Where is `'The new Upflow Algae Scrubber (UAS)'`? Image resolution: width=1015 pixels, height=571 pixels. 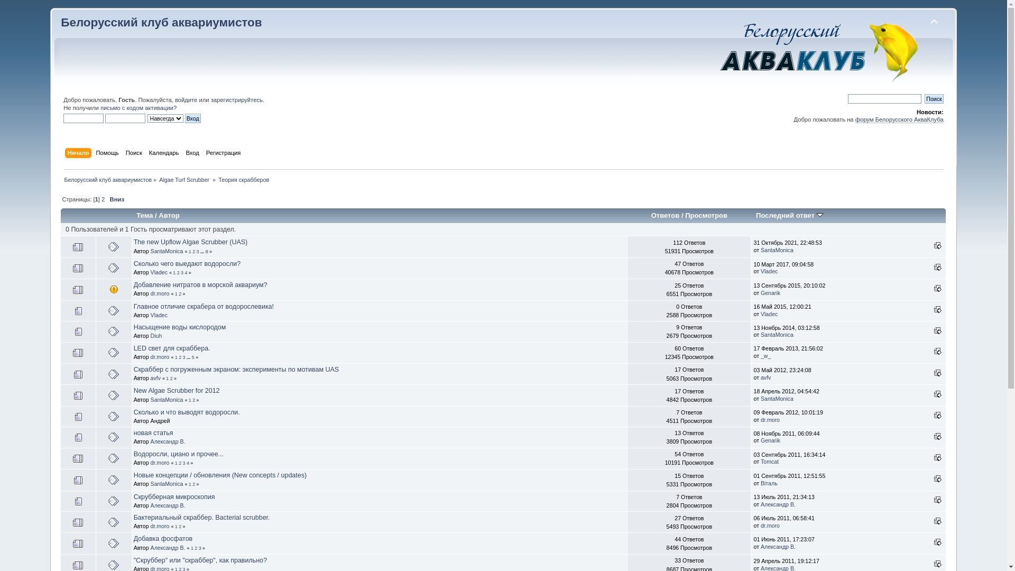
'The new Upflow Algae Scrubber (UAS)' is located at coordinates (133, 242).